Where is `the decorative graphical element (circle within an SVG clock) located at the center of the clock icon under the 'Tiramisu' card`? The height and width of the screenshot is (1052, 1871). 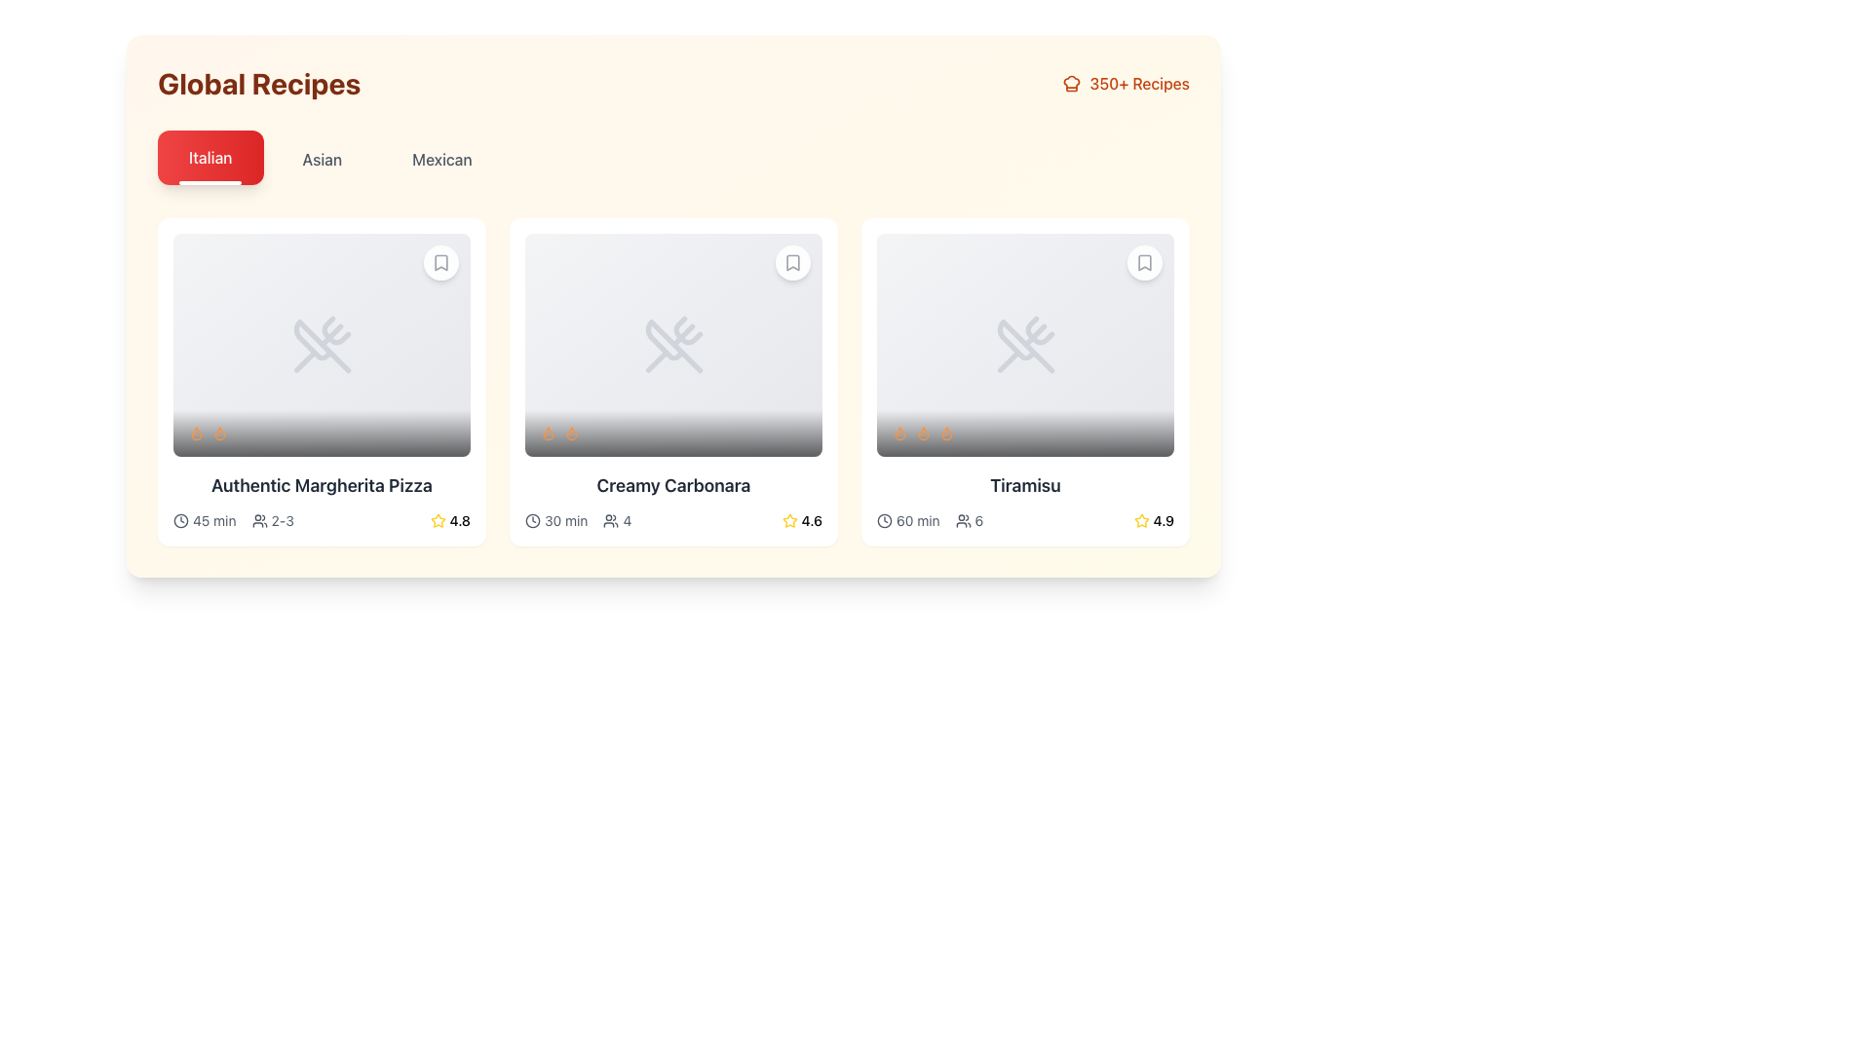
the decorative graphical element (circle within an SVG clock) located at the center of the clock icon under the 'Tiramisu' card is located at coordinates (883, 519).